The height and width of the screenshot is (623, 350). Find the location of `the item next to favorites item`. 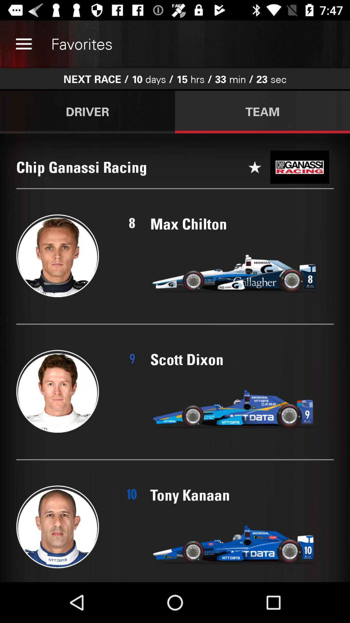

the item next to favorites item is located at coordinates (23, 44).